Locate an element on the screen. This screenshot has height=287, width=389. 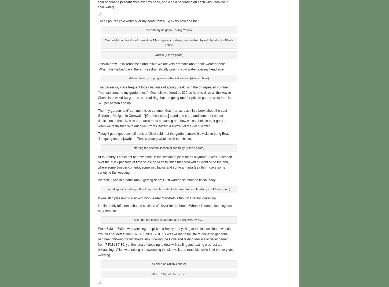
'Heligan: A Portrait of the Lost Garden.' is located at coordinates (156, 125).